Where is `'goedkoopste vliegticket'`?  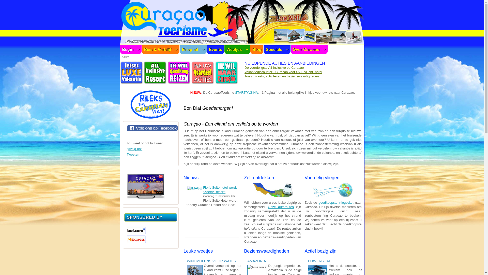 'goedkoopste vliegticket' is located at coordinates (336, 202).